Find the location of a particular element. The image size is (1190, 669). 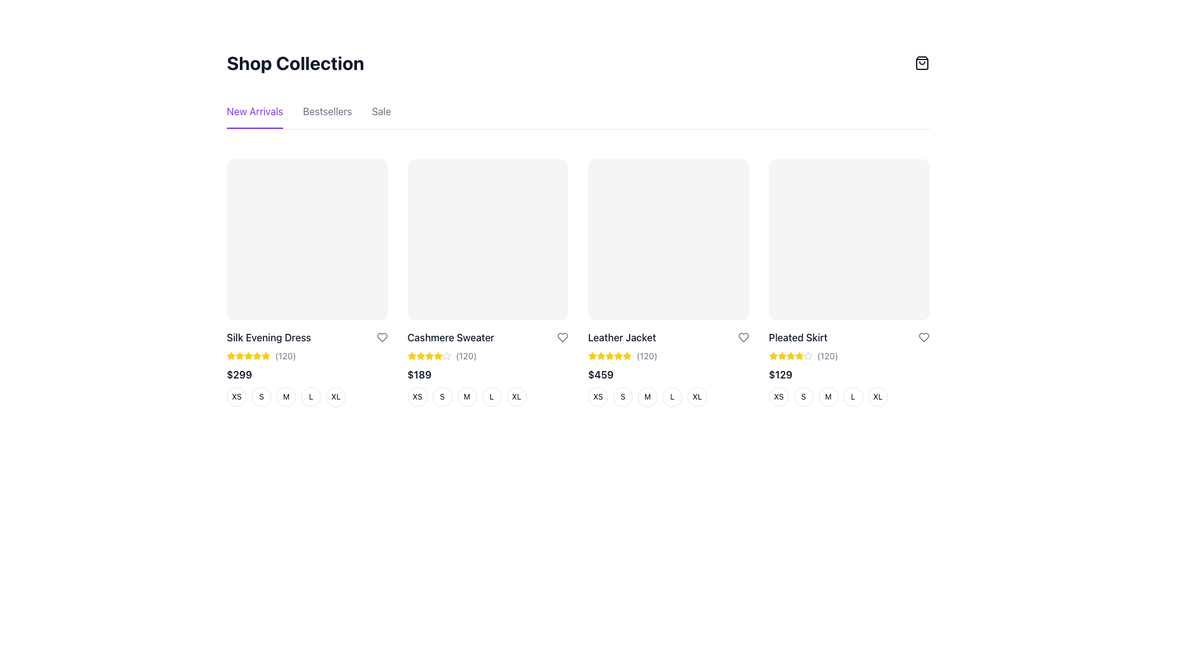

the price information text element displaying $129, which is located in the fourth product card below the title 'Pleated Skirt' and above the size selection buttons is located at coordinates (780, 374).